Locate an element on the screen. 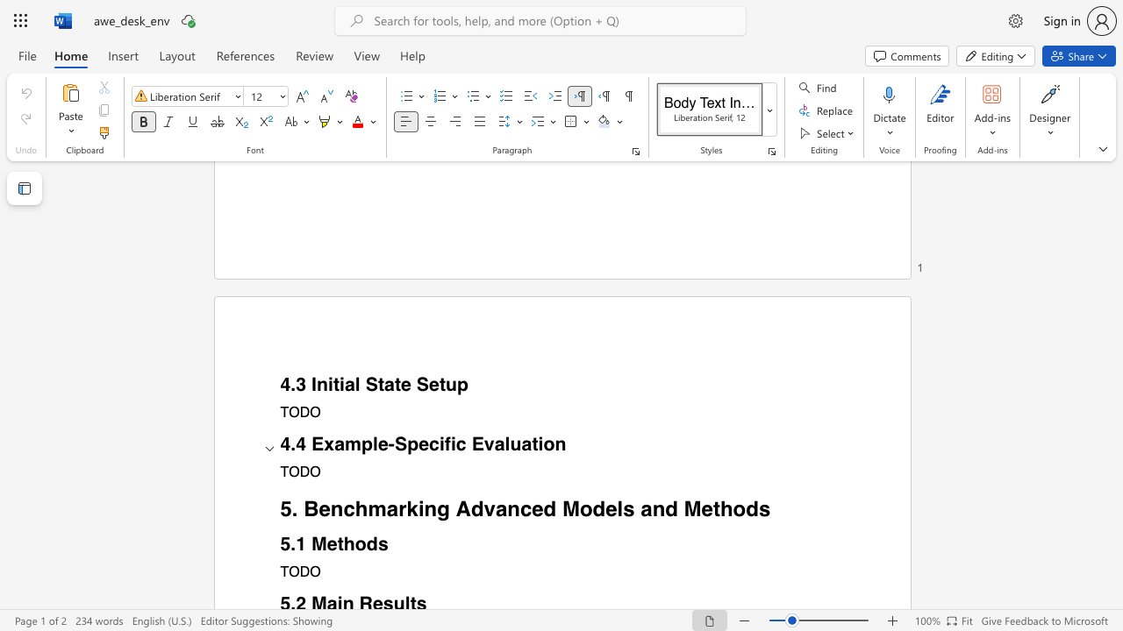 The width and height of the screenshot is (1123, 631). the 2th character "s" in the text is located at coordinates (764, 508).